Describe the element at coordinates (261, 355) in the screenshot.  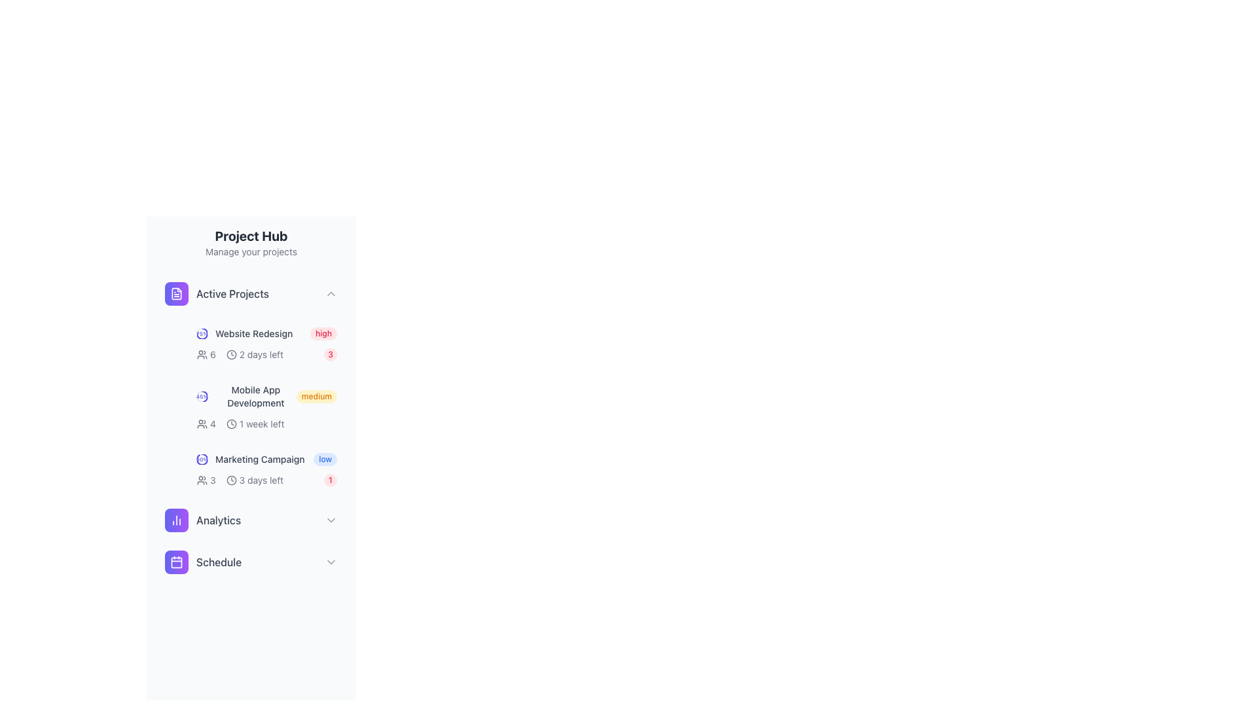
I see `information displayed in the text label showing '2 days left', which is located in the 'Active Projects' section under the 'Website Redesign' project, next to a clock icon` at that location.